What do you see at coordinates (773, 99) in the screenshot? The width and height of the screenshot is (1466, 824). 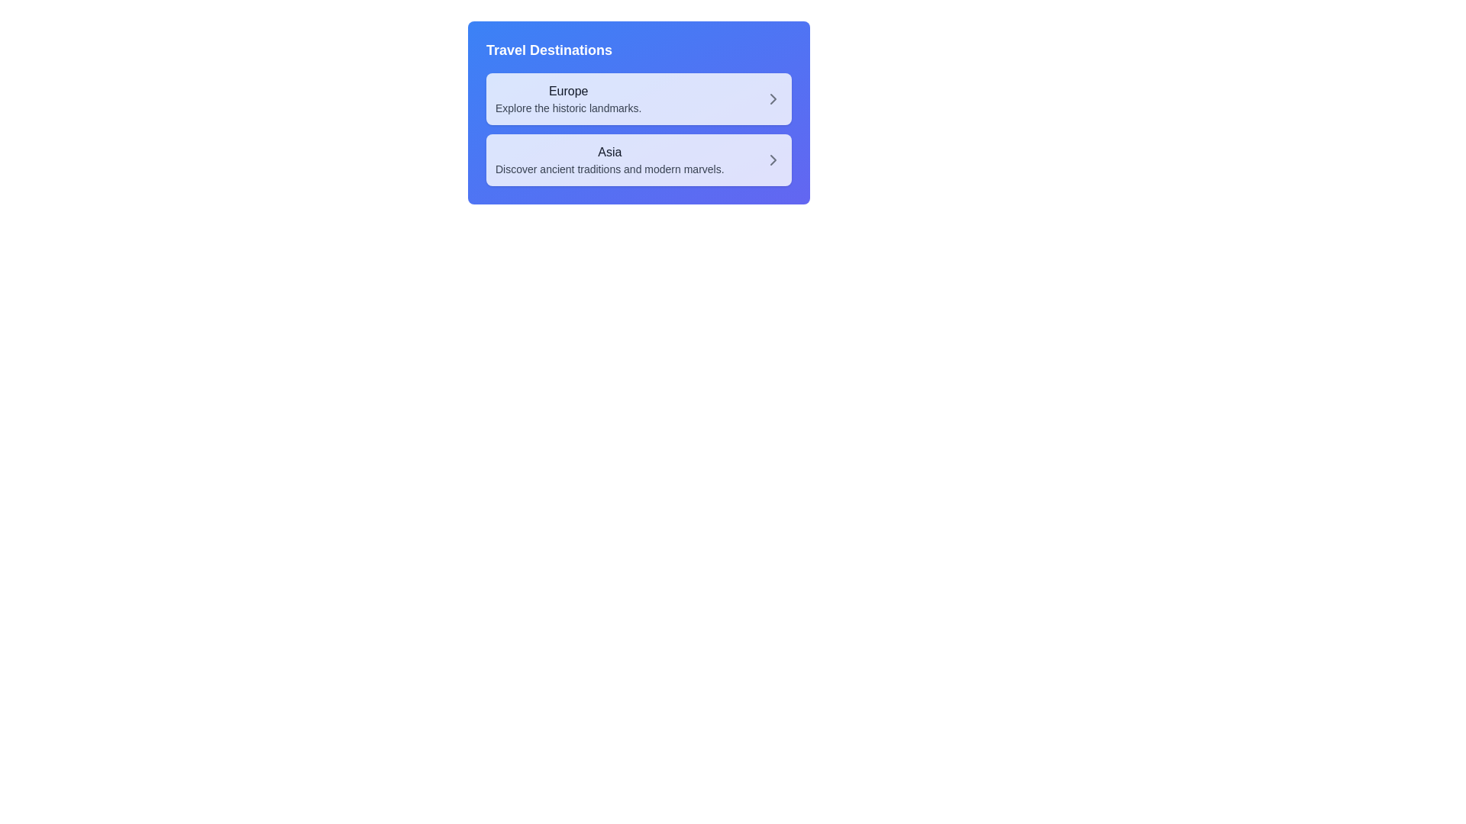 I see `the Chevron Right icon located in the 'Europe' section of the 'Travel Destinations' panel` at bounding box center [773, 99].